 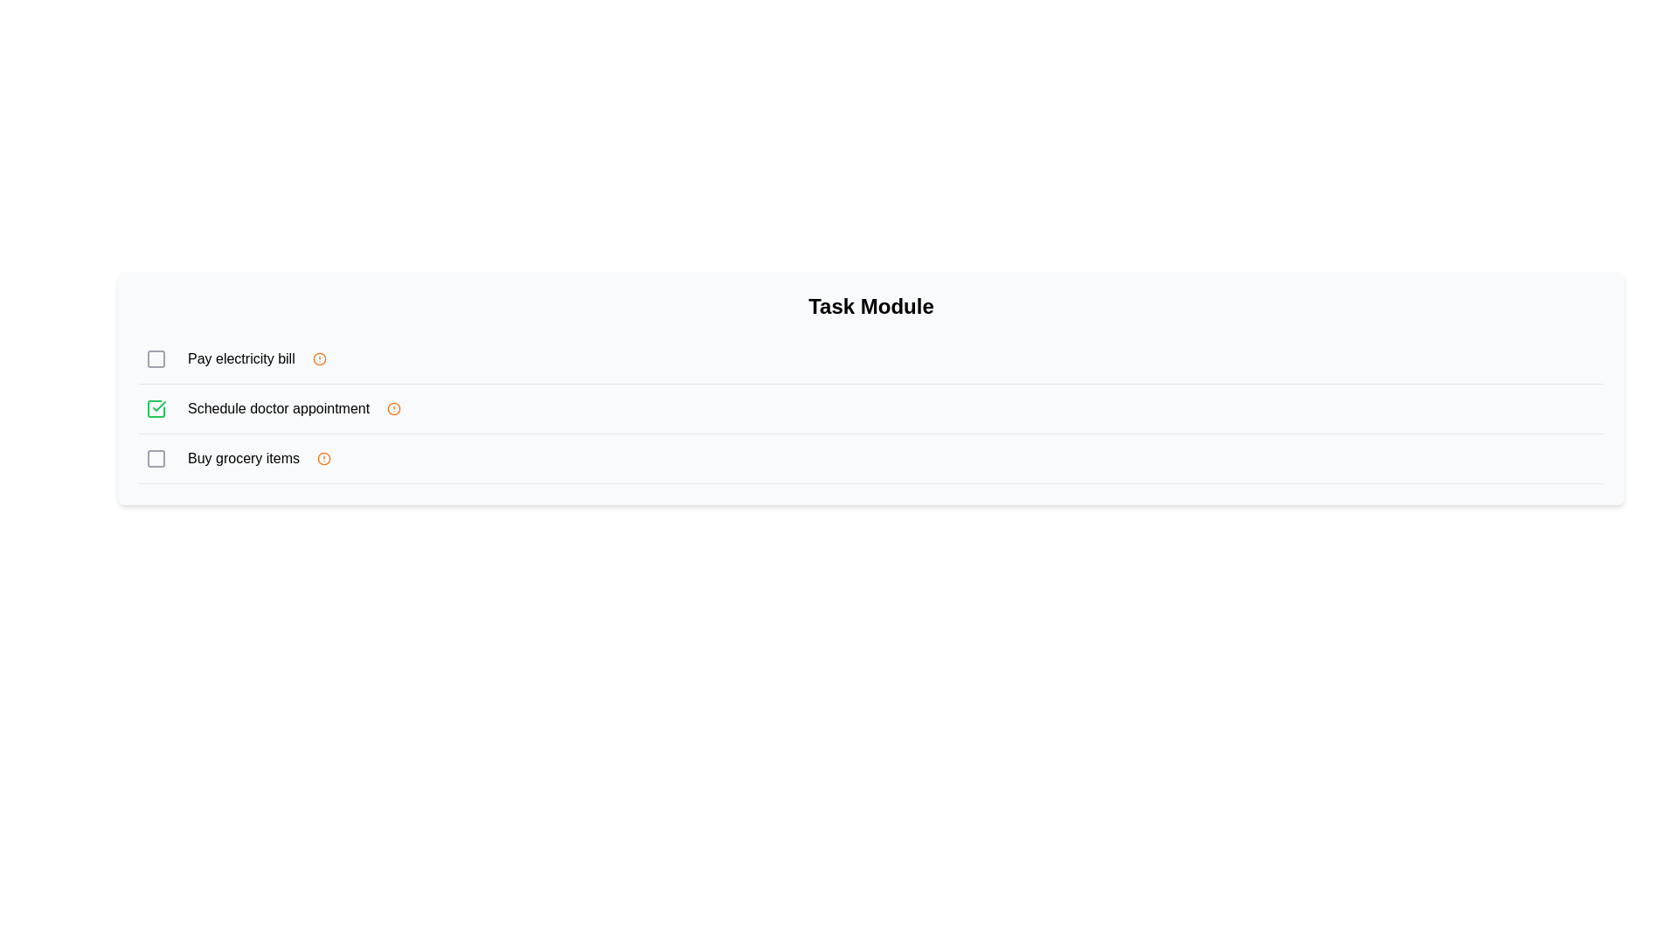 I want to click on the green check mark icon styled as a task completion indicator, positioned adjacent to the task description 'Schedule doctor appointment', so click(x=156, y=408).